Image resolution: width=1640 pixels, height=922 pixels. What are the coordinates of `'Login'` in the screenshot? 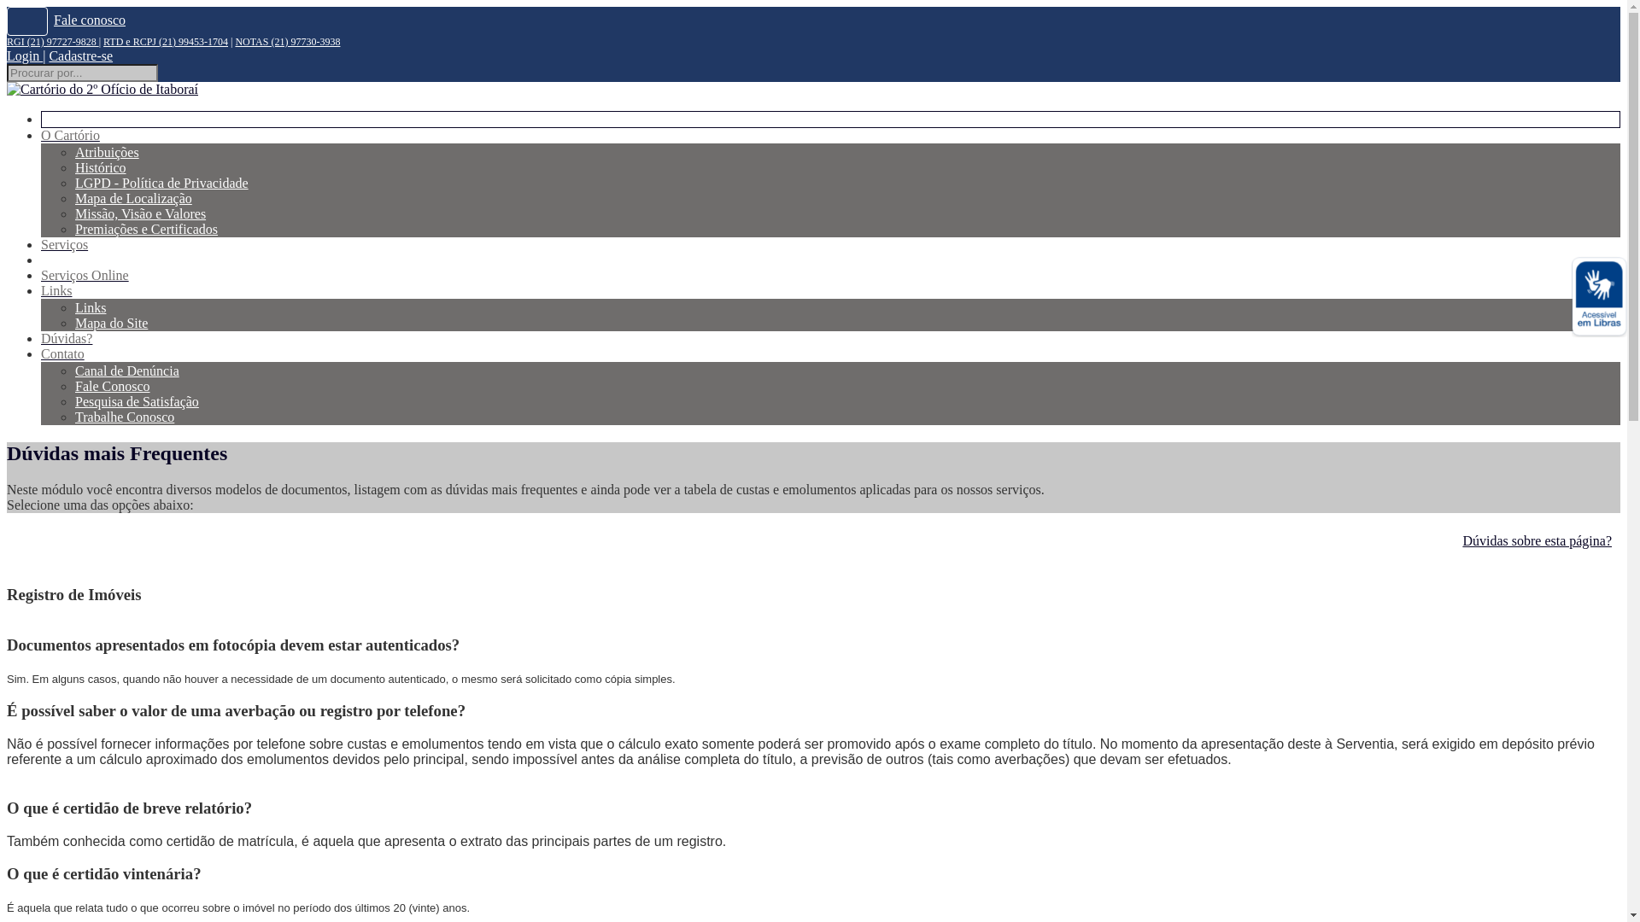 It's located at (24, 55).